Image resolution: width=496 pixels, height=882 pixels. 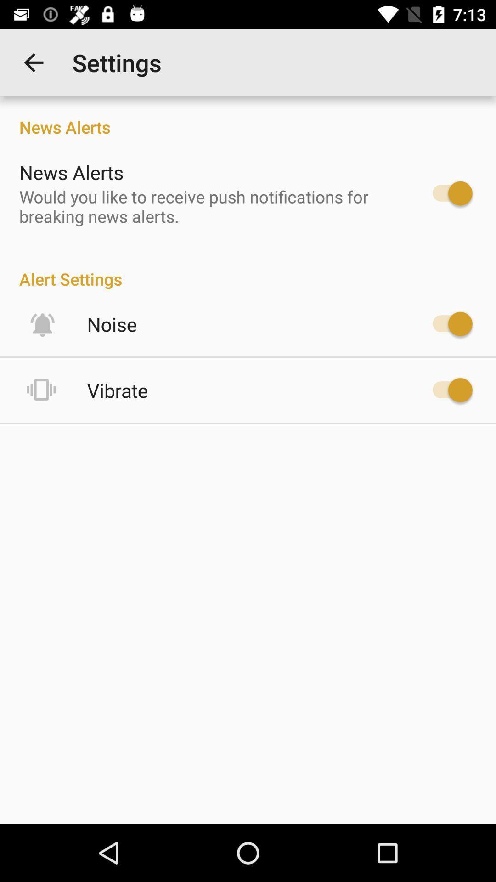 I want to click on alert settings icon, so click(x=248, y=269).